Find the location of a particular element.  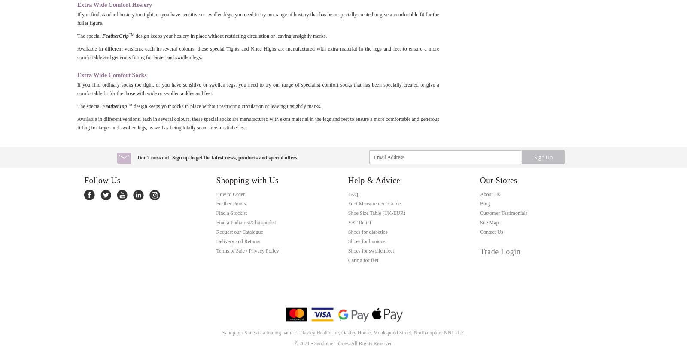

'Shoe Size Table (UK-EUR)' is located at coordinates (376, 213).